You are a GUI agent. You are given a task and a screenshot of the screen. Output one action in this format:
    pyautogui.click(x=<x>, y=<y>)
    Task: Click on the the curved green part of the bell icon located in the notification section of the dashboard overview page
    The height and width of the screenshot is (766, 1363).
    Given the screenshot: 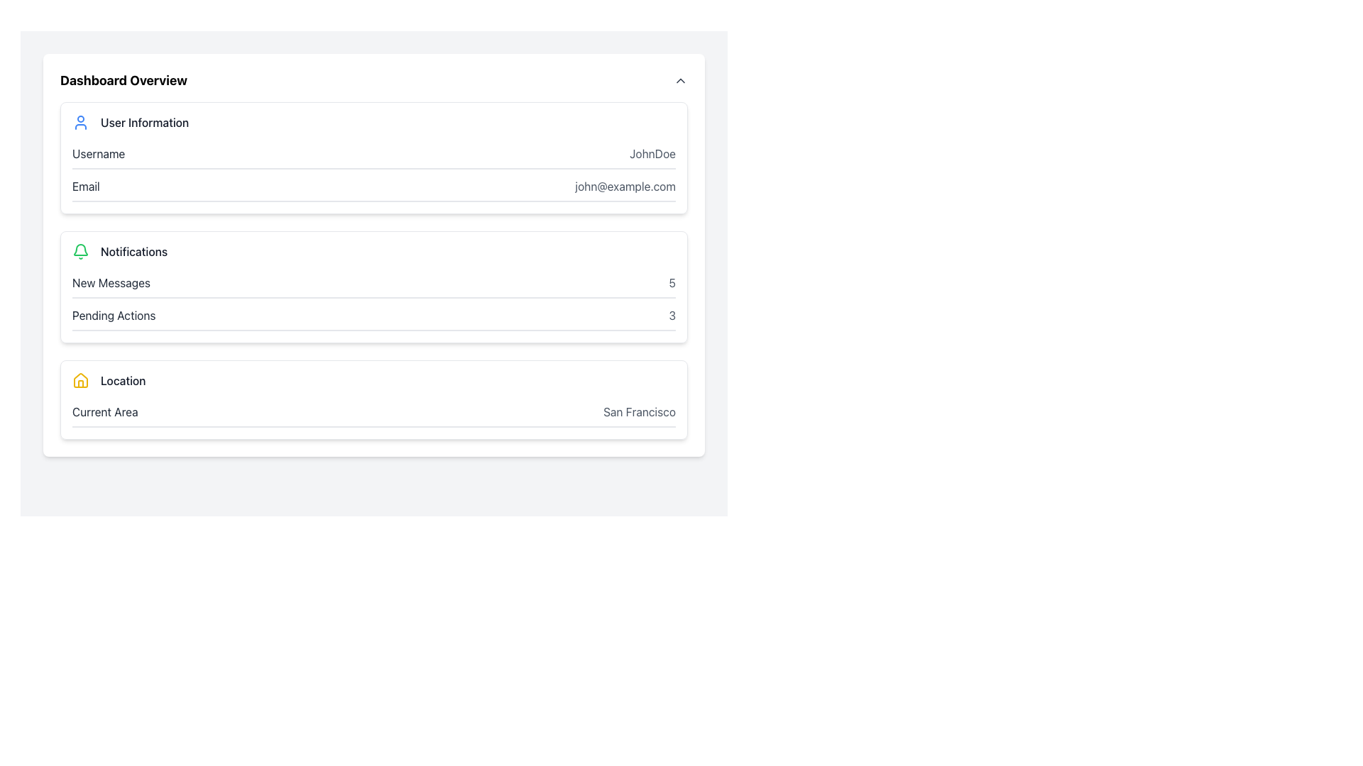 What is the action you would take?
    pyautogui.click(x=80, y=249)
    